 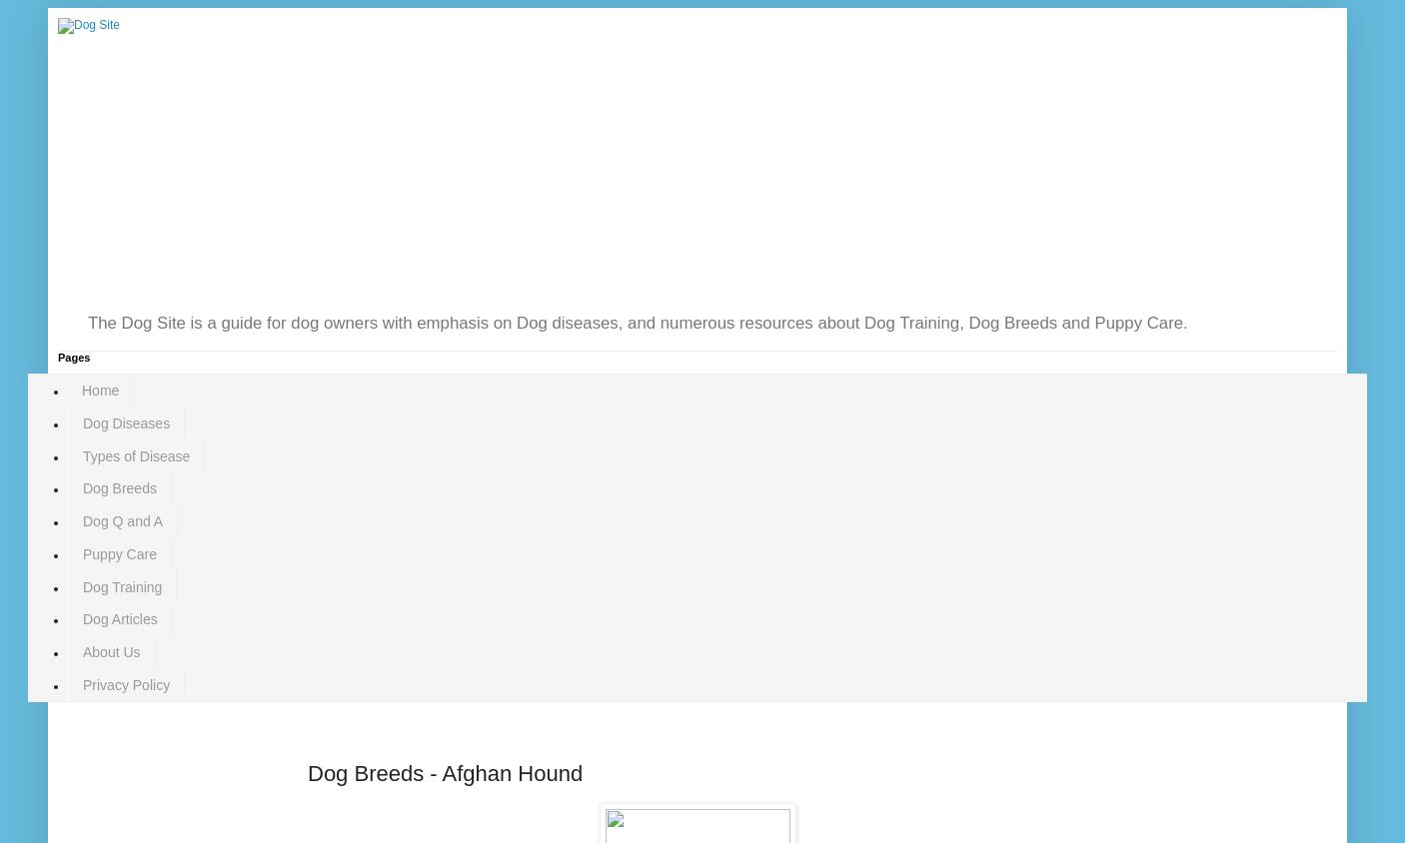 I want to click on 'Home', so click(x=80, y=390).